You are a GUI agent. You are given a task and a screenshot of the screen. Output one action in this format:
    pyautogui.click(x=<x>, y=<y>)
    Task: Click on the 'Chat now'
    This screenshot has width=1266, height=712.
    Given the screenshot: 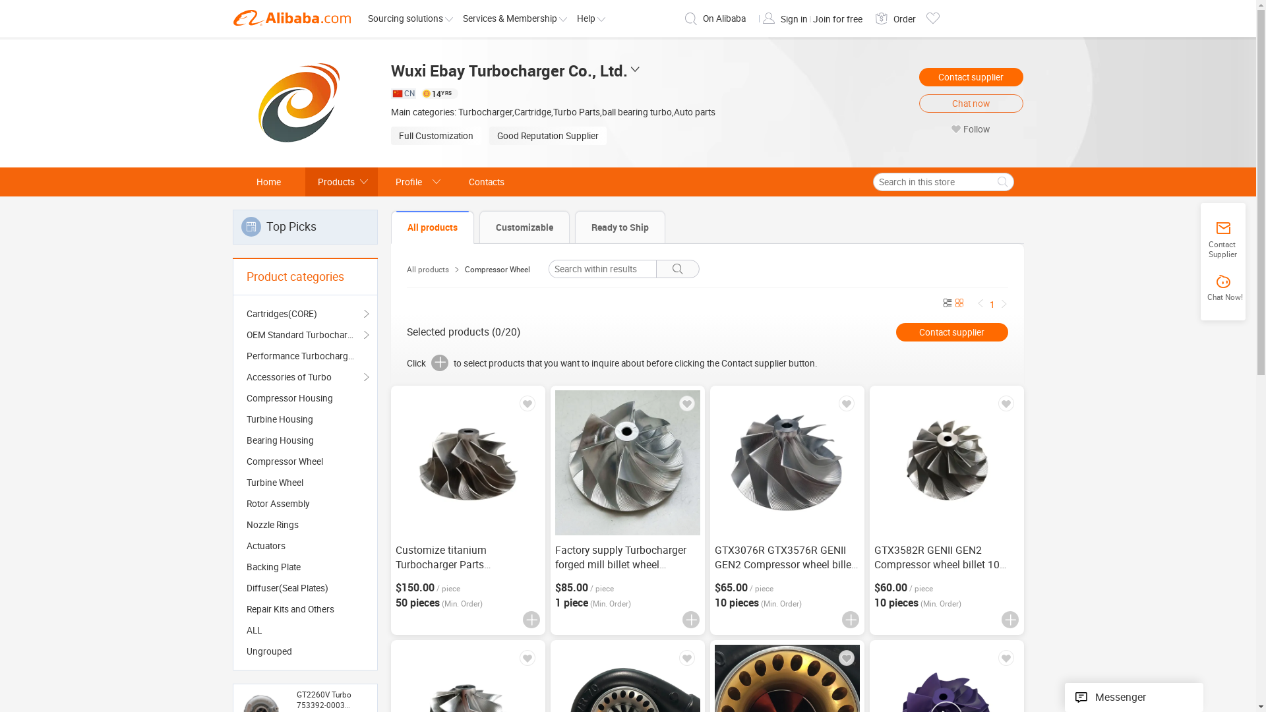 What is the action you would take?
    pyautogui.click(x=971, y=103)
    